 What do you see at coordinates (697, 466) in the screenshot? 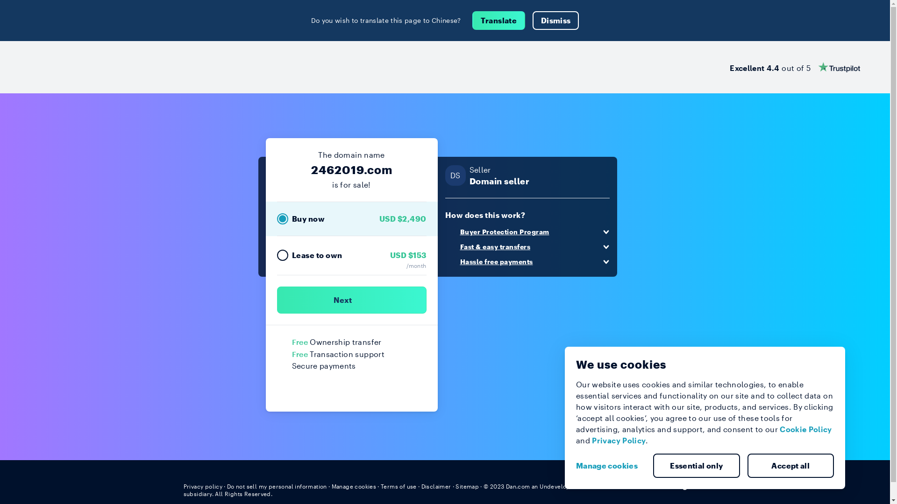
I see `'Essential only'` at bounding box center [697, 466].